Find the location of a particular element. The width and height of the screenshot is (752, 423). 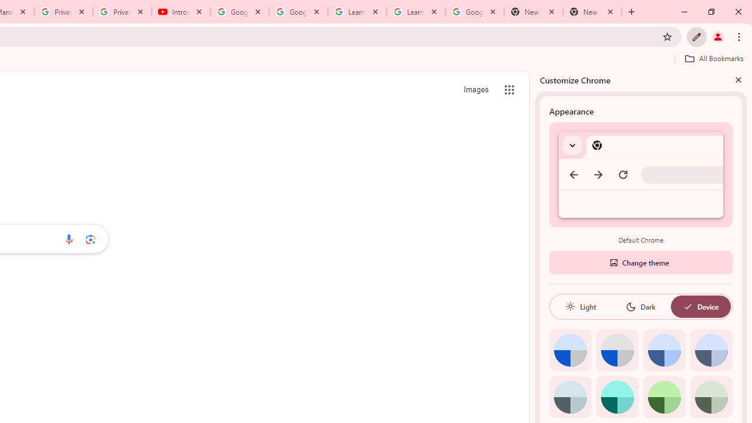

'Viridian' is located at coordinates (710, 397).